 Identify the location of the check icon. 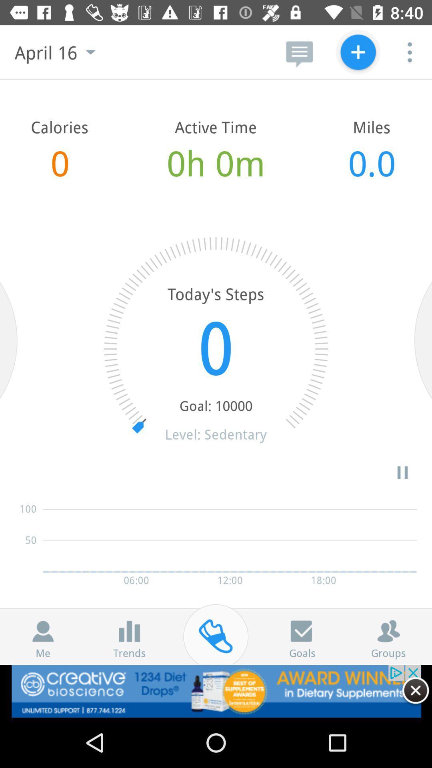
(302, 631).